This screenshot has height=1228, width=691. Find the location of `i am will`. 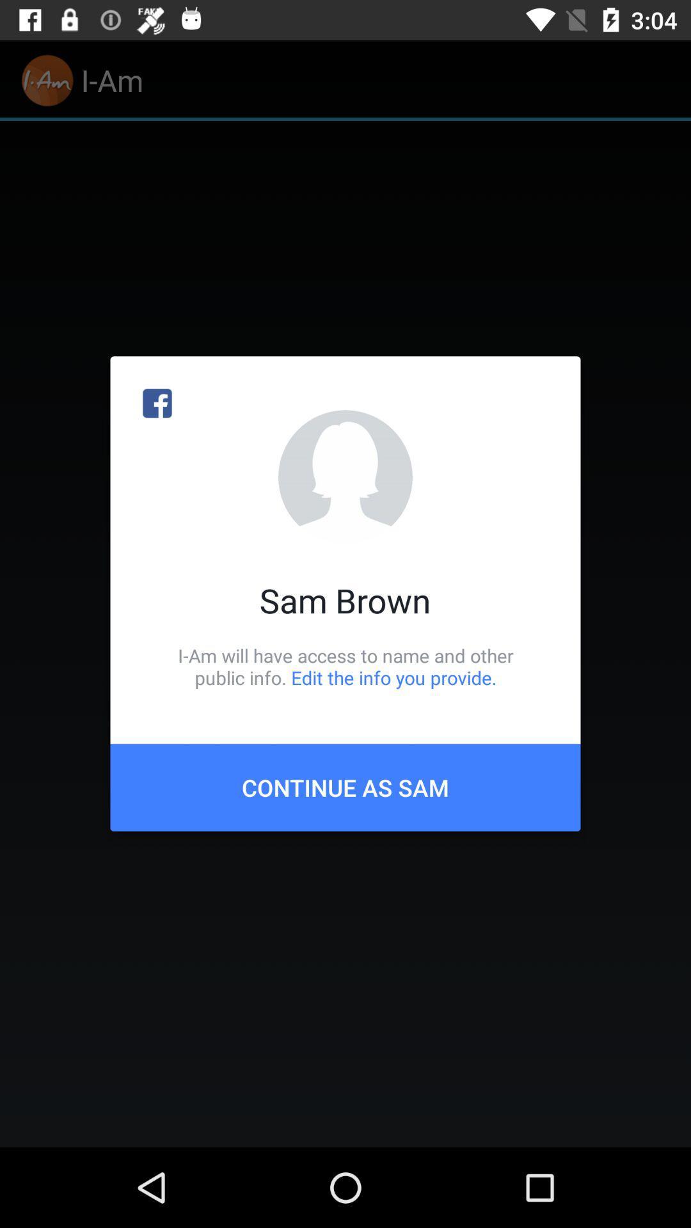

i am will is located at coordinates (345, 666).